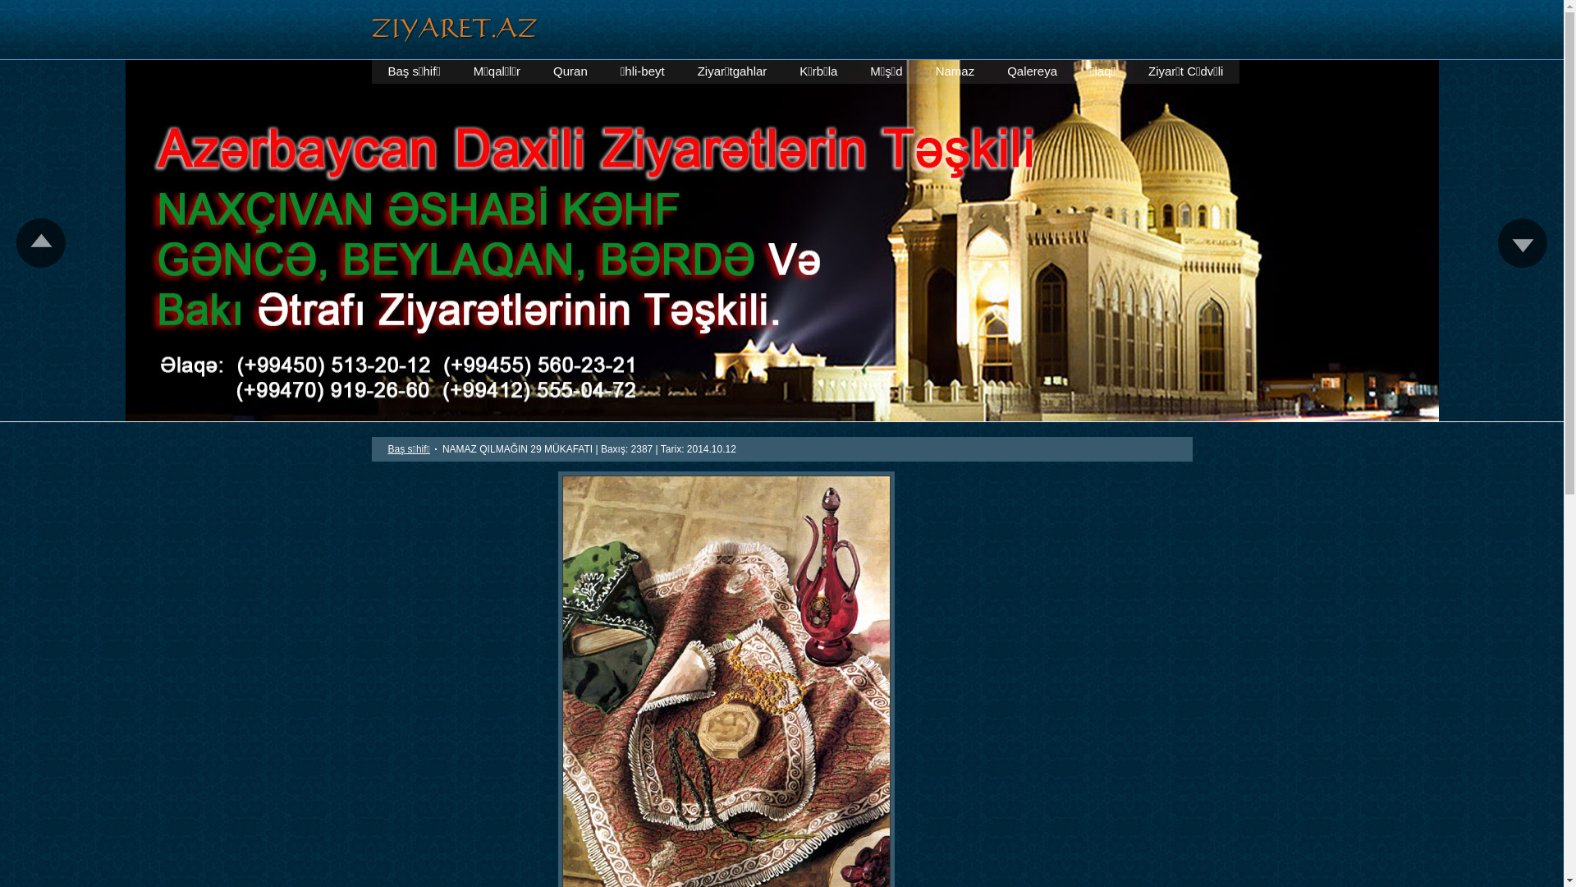 This screenshot has height=887, width=1576. Describe the element at coordinates (955, 71) in the screenshot. I see `'Namaz'` at that location.